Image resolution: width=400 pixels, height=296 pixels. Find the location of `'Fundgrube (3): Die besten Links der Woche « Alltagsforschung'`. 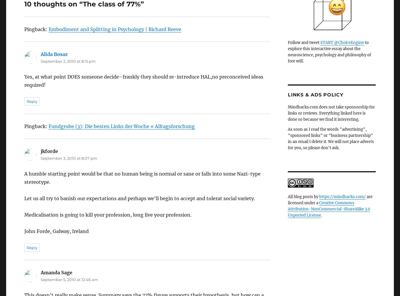

'Fundgrube (3): Die besten Links der Woche « Alltagsforschung' is located at coordinates (121, 110).